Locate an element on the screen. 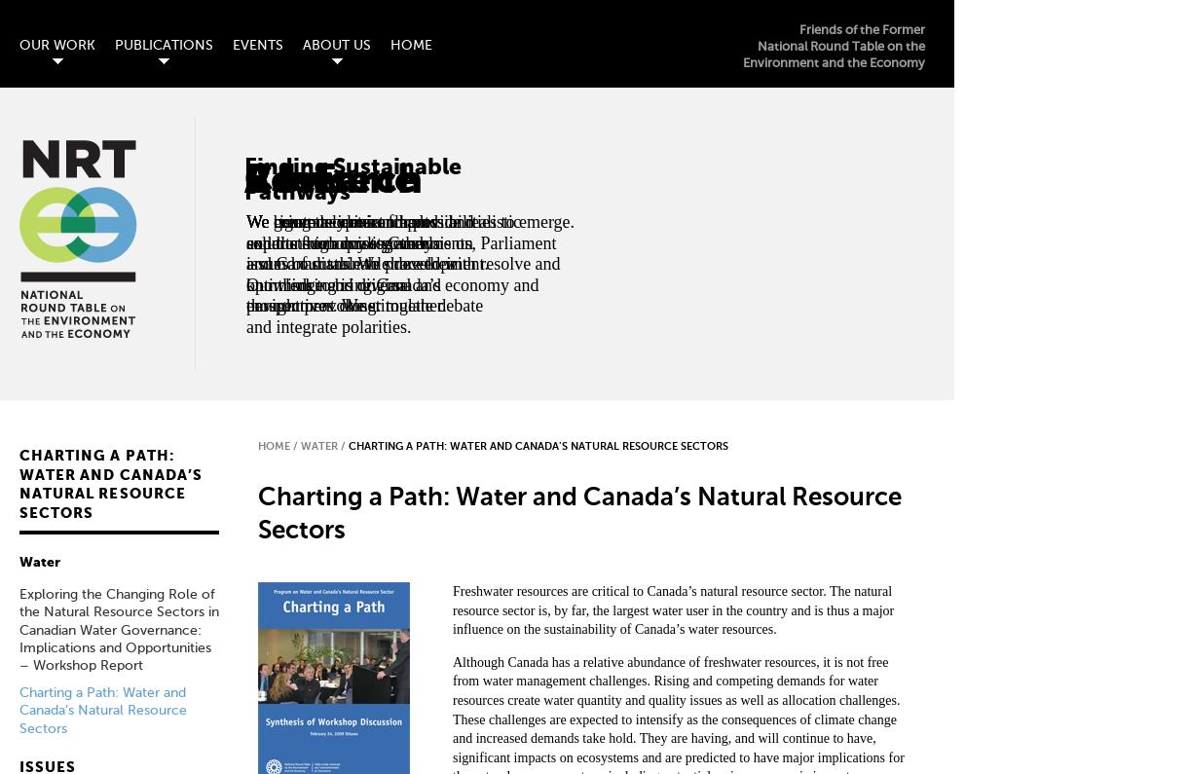 This screenshot has width=1188, height=774. 'Environment and the Economy' is located at coordinates (834, 62).